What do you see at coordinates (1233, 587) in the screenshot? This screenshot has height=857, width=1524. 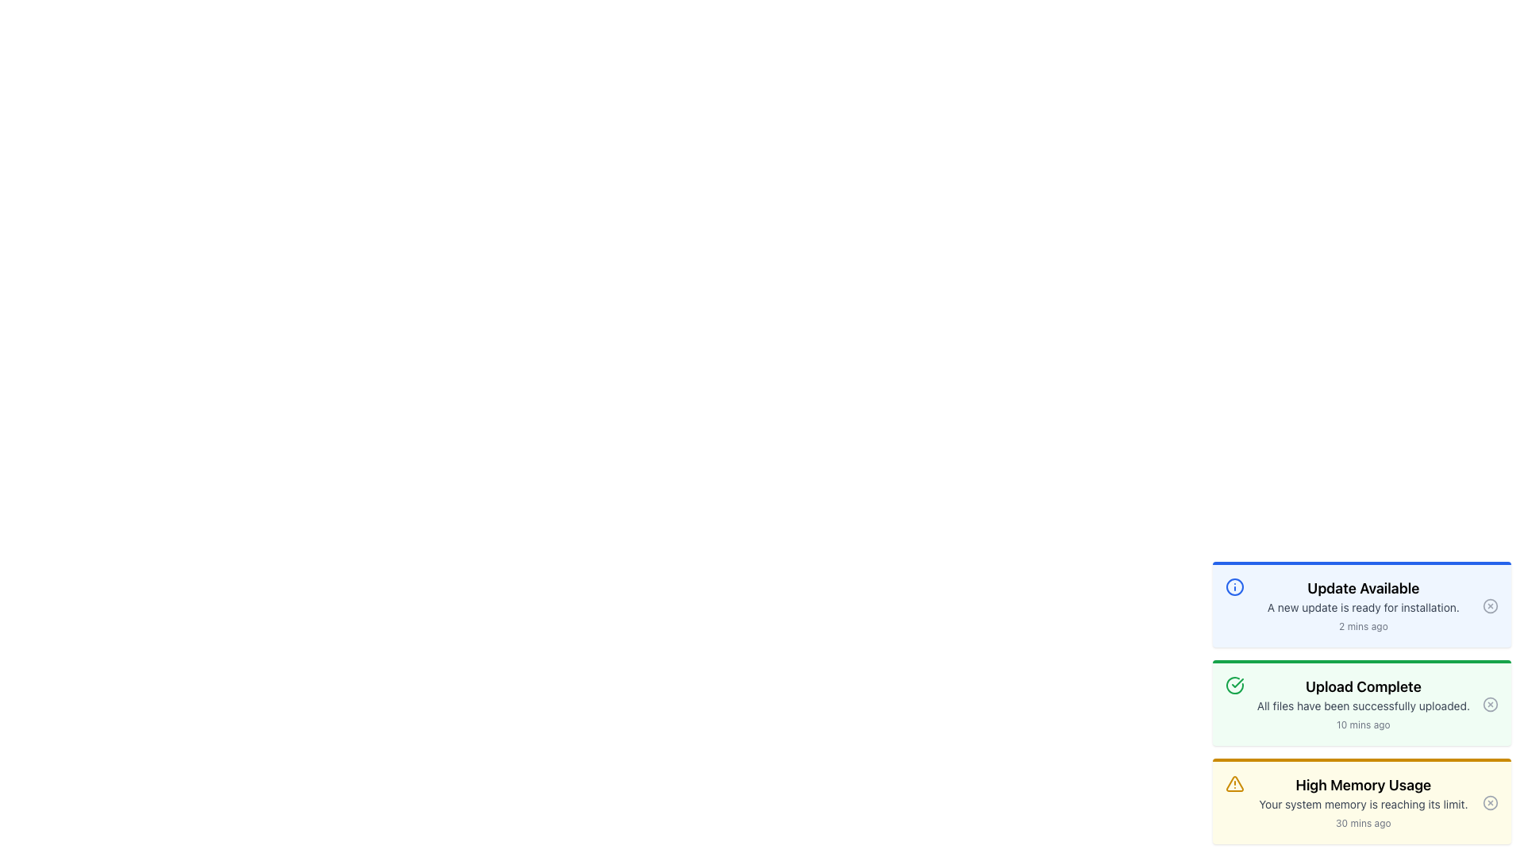 I see `the circular blue icon resembling an information symbol, located at the top-left of the 'Update Available' notification card` at bounding box center [1233, 587].